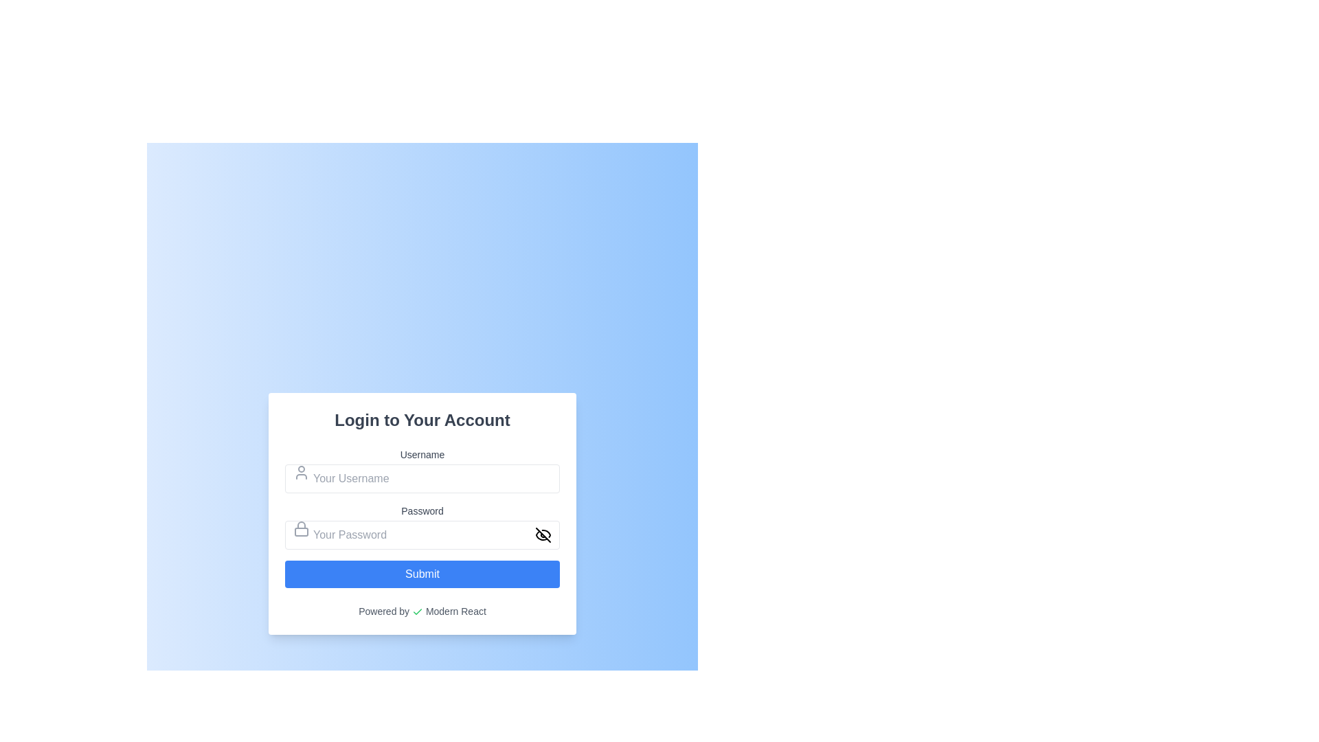 The height and width of the screenshot is (742, 1319). What do you see at coordinates (300, 528) in the screenshot?
I see `the password input icon located on the left side of the password text field, which precedes the placeholder text 'Your Password.'` at bounding box center [300, 528].